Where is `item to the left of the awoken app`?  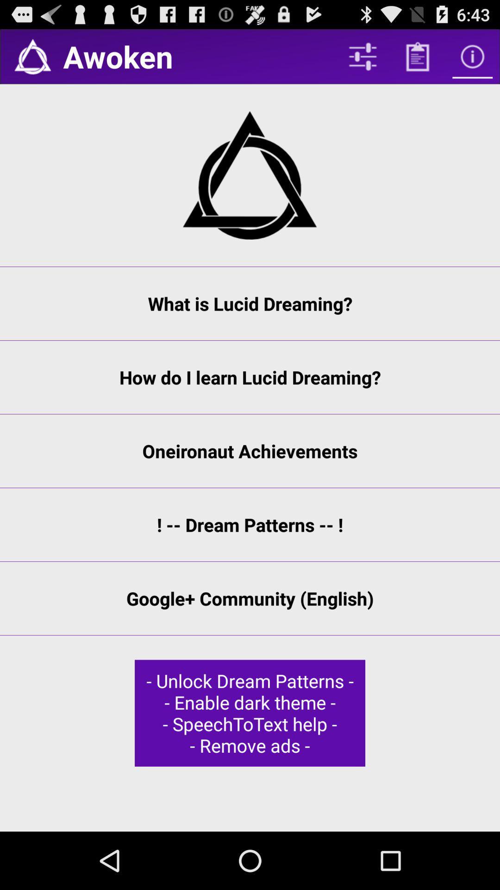
item to the left of the awoken app is located at coordinates (32, 56).